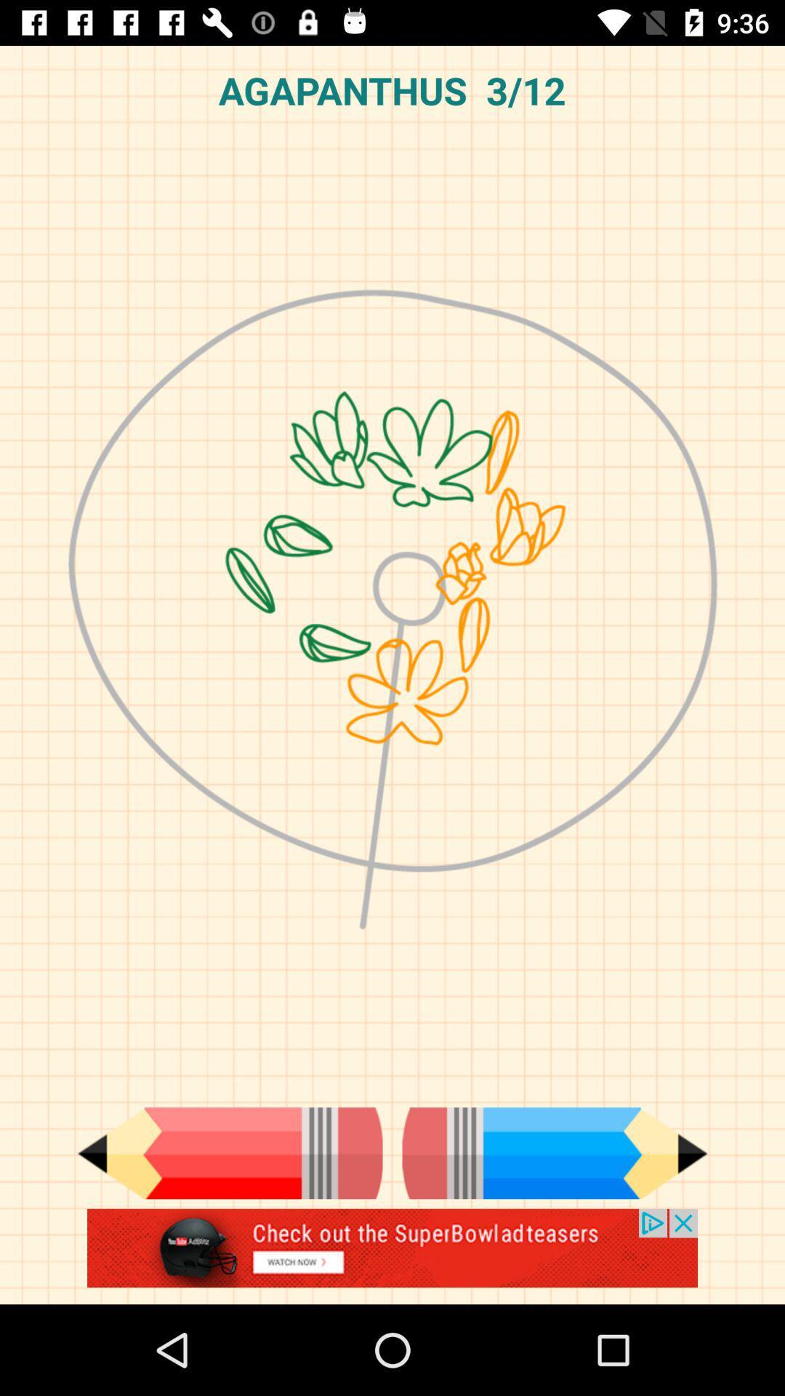  Describe the element at coordinates (229, 1152) in the screenshot. I see `previous step` at that location.